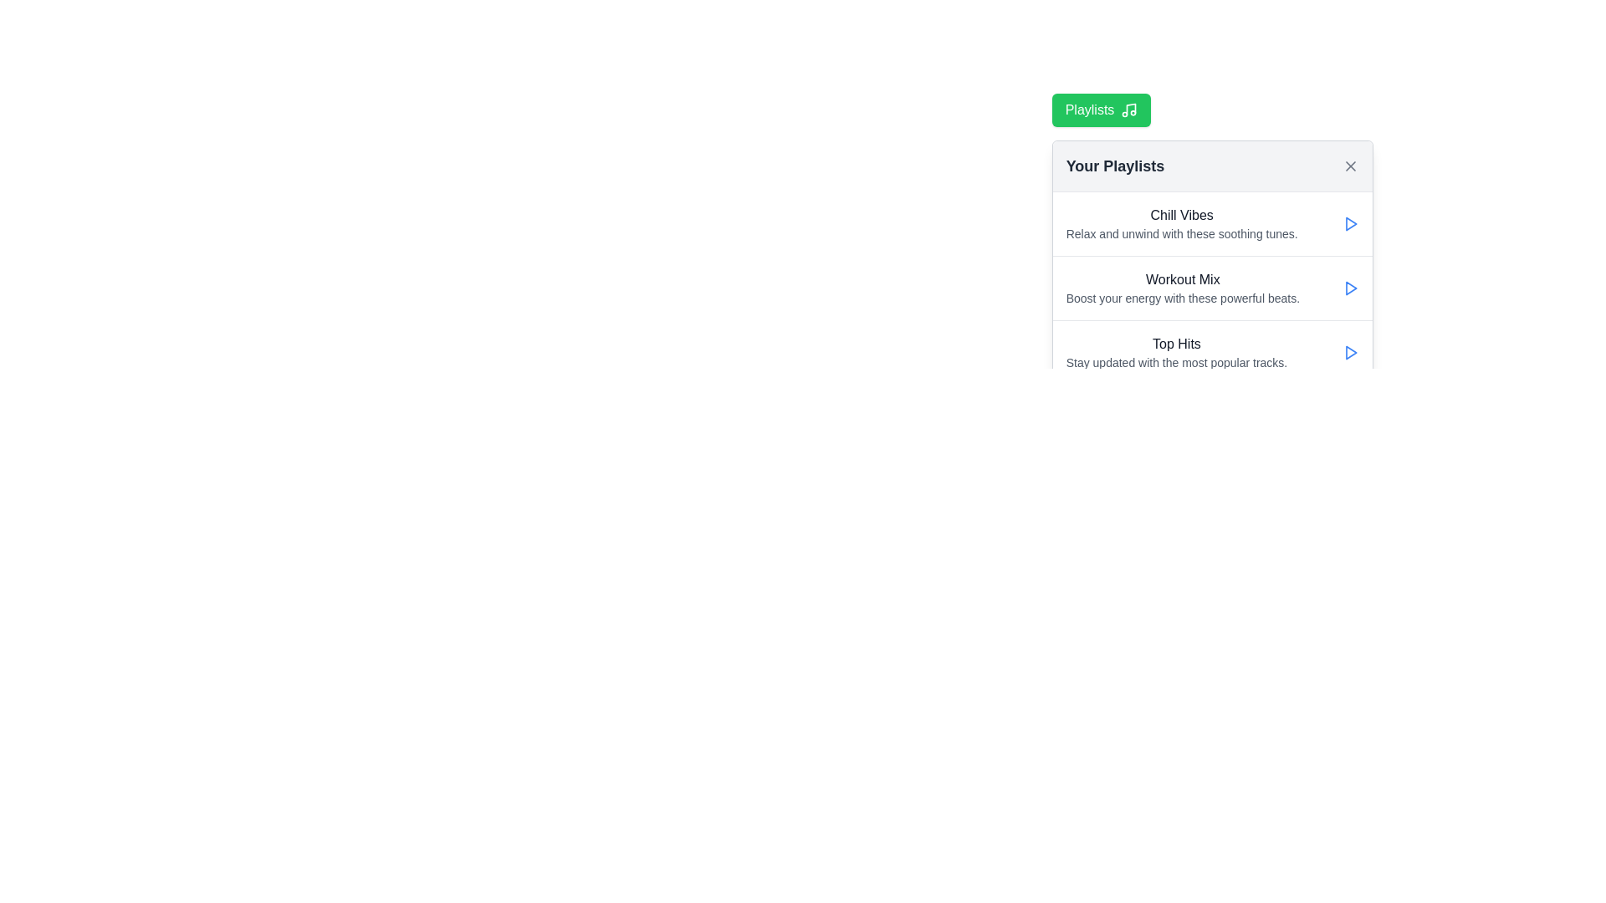  I want to click on the small blue play button located at the right edge of the 'Workout Mix' playlist entry, so click(1350, 287).